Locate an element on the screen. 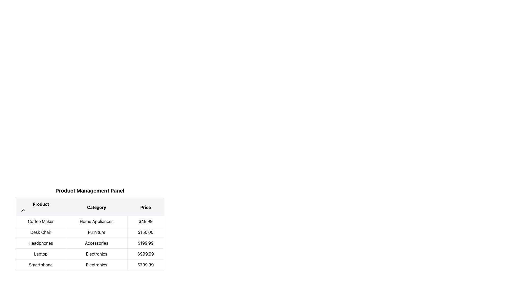  the specific cells of the data table in the 'Product Management Panel' is located at coordinates (90, 243).